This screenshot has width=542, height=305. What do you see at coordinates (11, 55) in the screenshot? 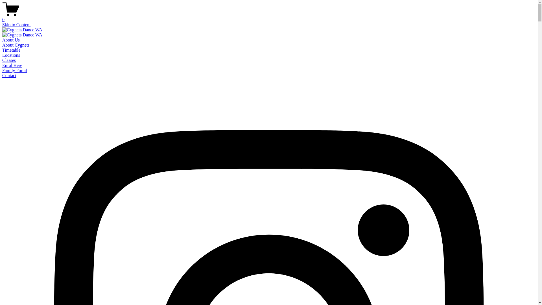
I see `'Locations'` at bounding box center [11, 55].